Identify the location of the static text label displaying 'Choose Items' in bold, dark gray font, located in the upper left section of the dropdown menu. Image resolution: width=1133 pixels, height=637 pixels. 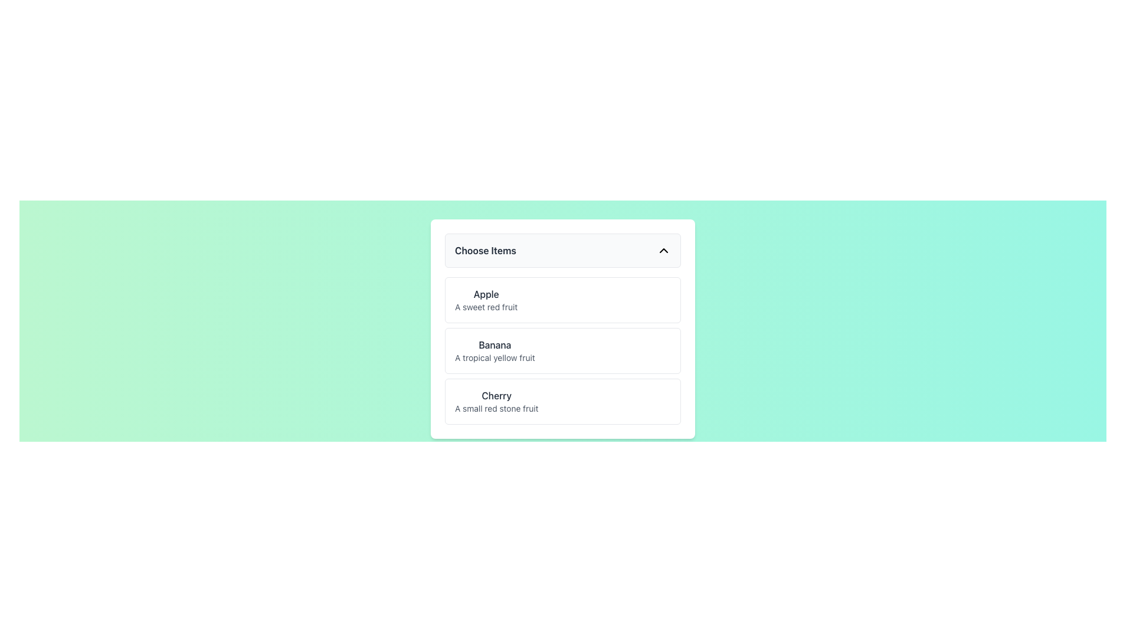
(485, 249).